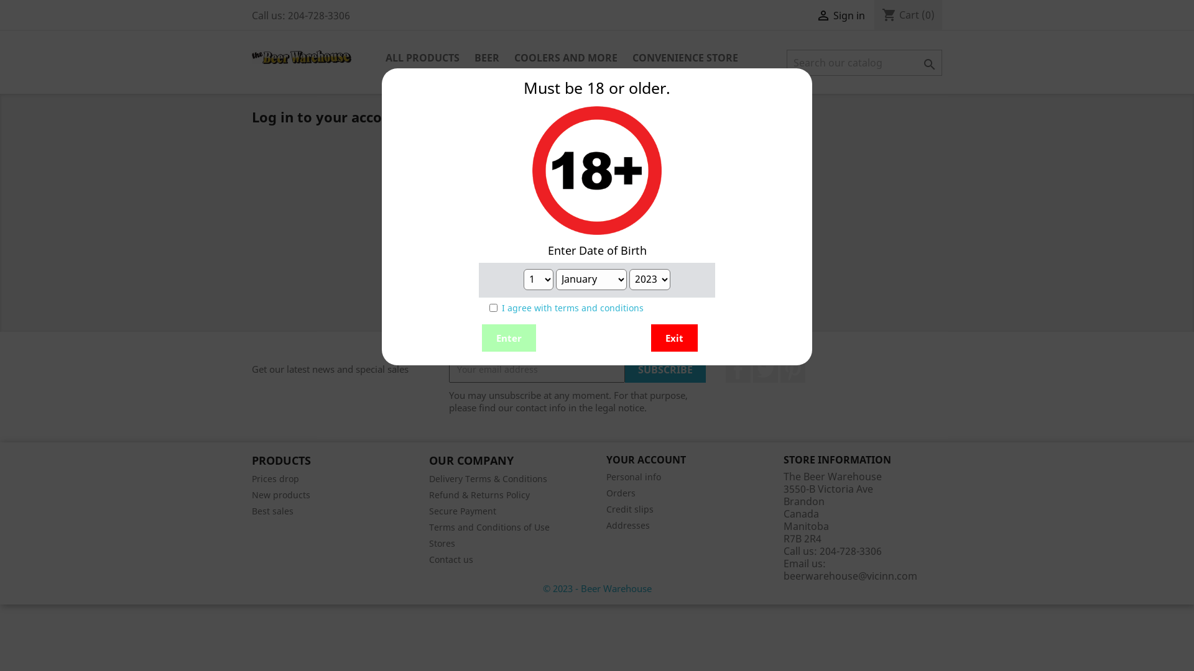 This screenshot has height=671, width=1194. I want to click on 'Orders', so click(621, 492).